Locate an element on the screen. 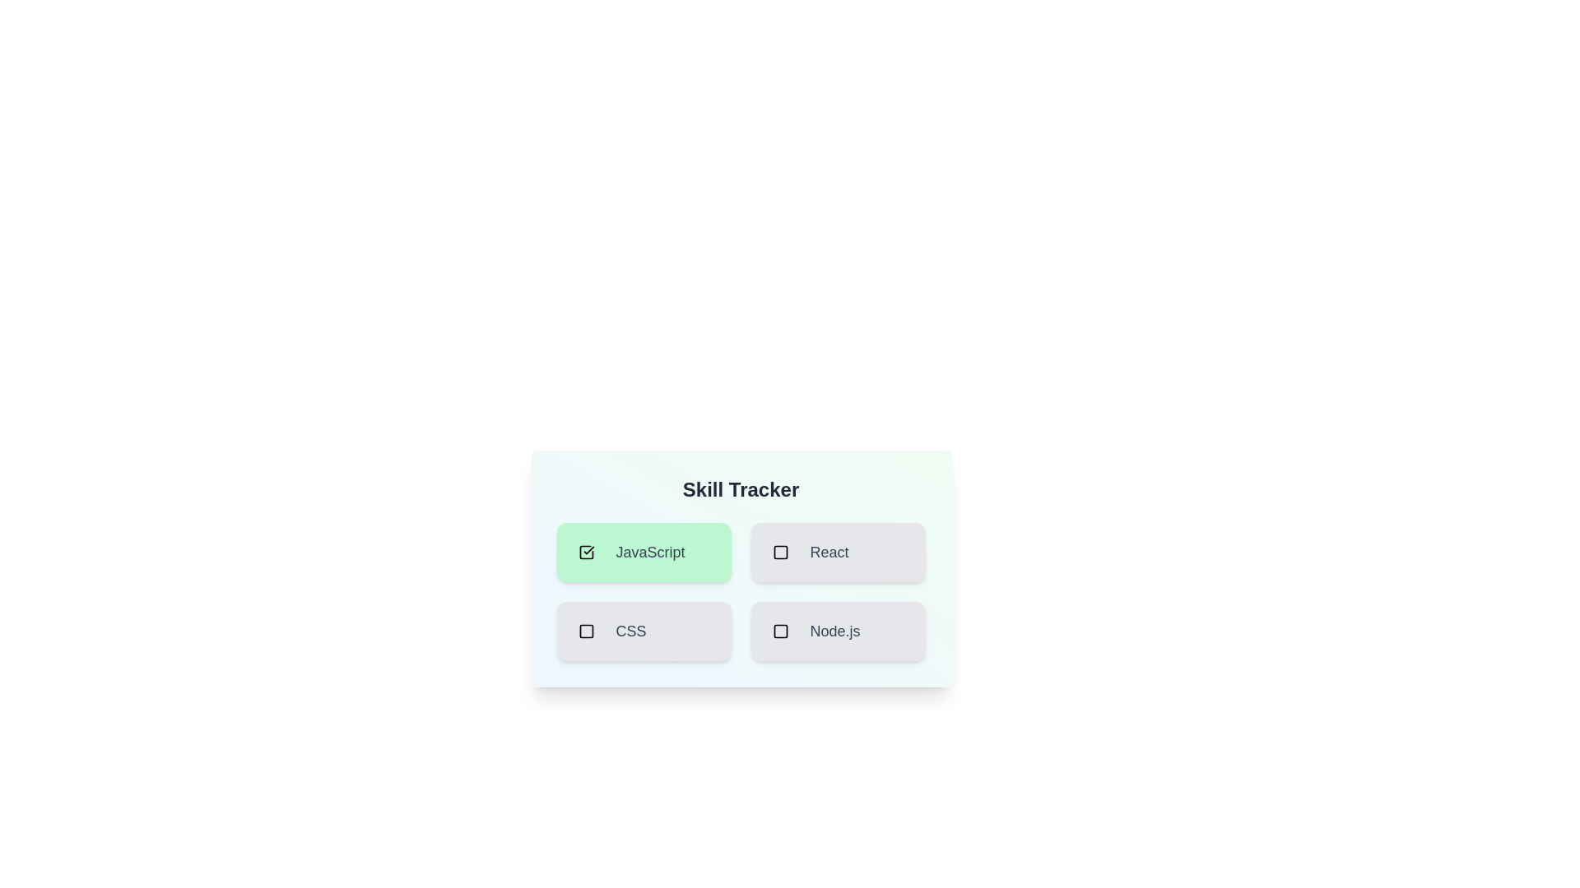 The image size is (1580, 888). the skill JavaScript by clicking its checkbox is located at coordinates (586, 552).